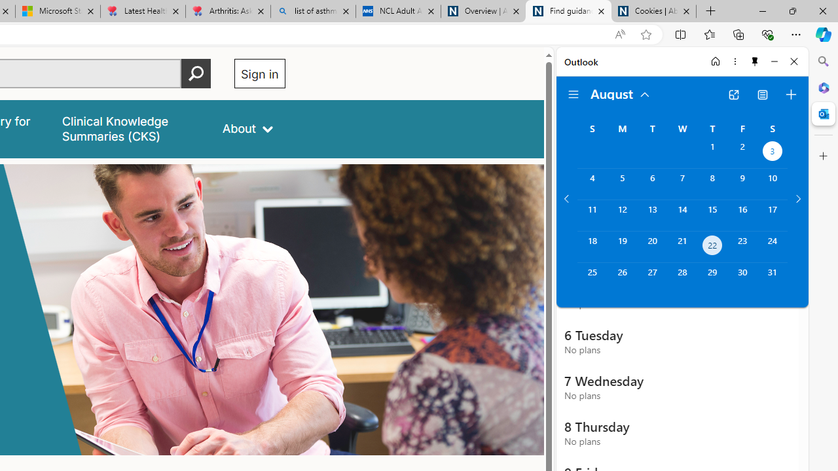  Describe the element at coordinates (712, 184) in the screenshot. I see `'Thursday, August 8, 2024. '` at that location.